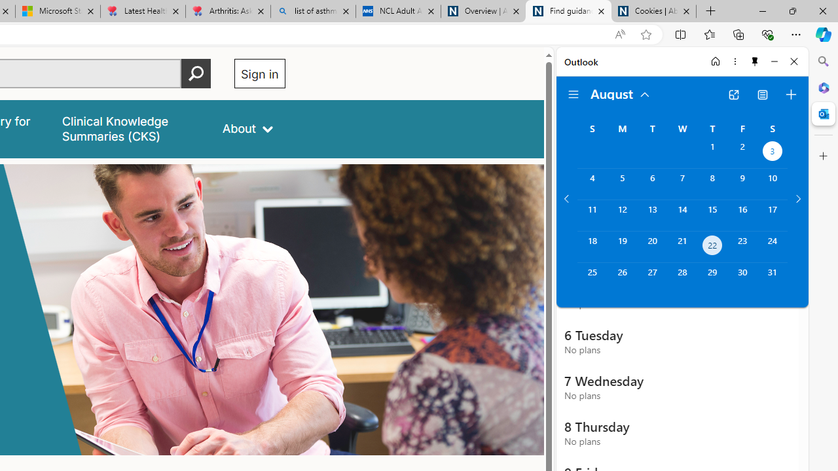  Describe the element at coordinates (712, 184) in the screenshot. I see `'Thursday, August 8, 2024. '` at that location.